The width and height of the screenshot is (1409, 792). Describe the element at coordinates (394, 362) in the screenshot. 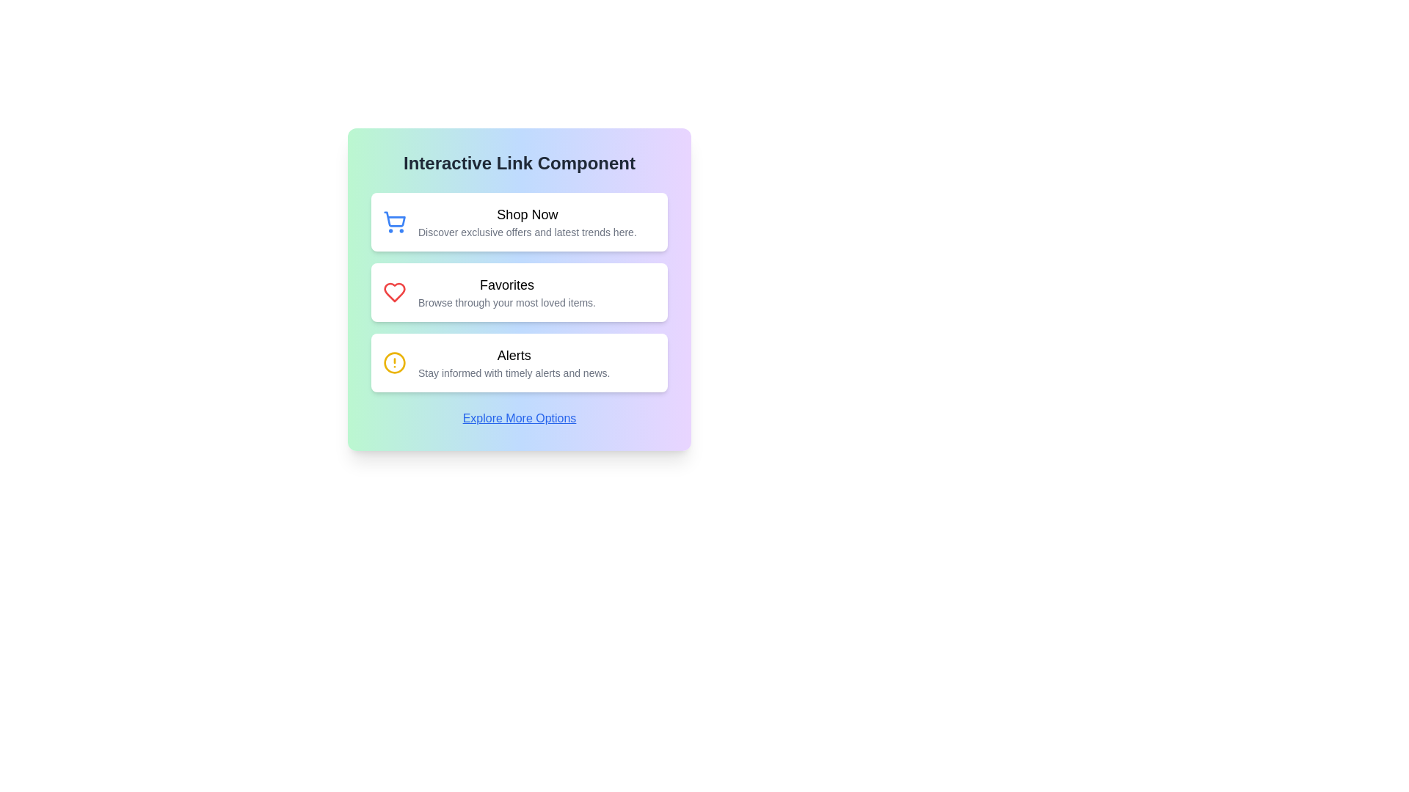

I see `the circular warning icon with a yellow outline and exclamation mark, located in the middle card preceding the text 'Alerts.'` at that location.